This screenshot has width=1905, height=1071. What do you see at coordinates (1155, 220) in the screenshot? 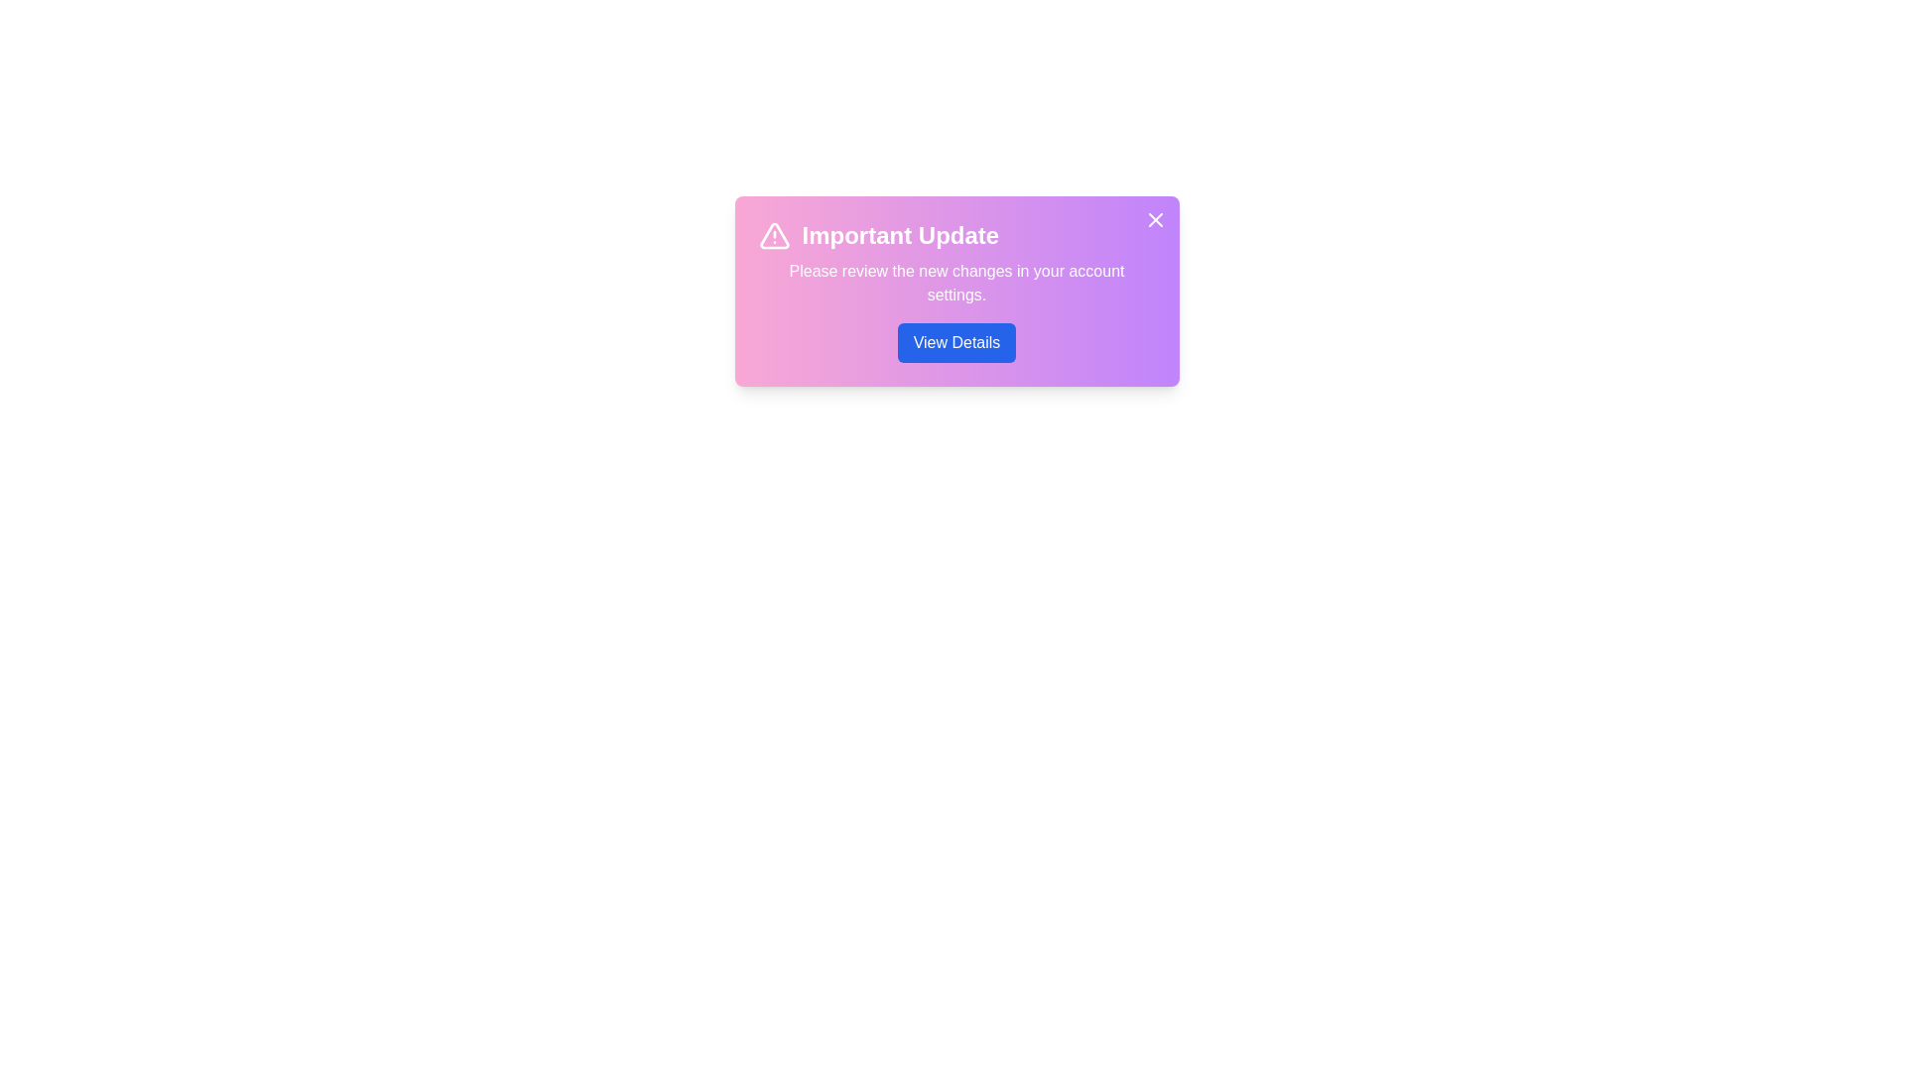
I see `the close button of the notification alert` at bounding box center [1155, 220].